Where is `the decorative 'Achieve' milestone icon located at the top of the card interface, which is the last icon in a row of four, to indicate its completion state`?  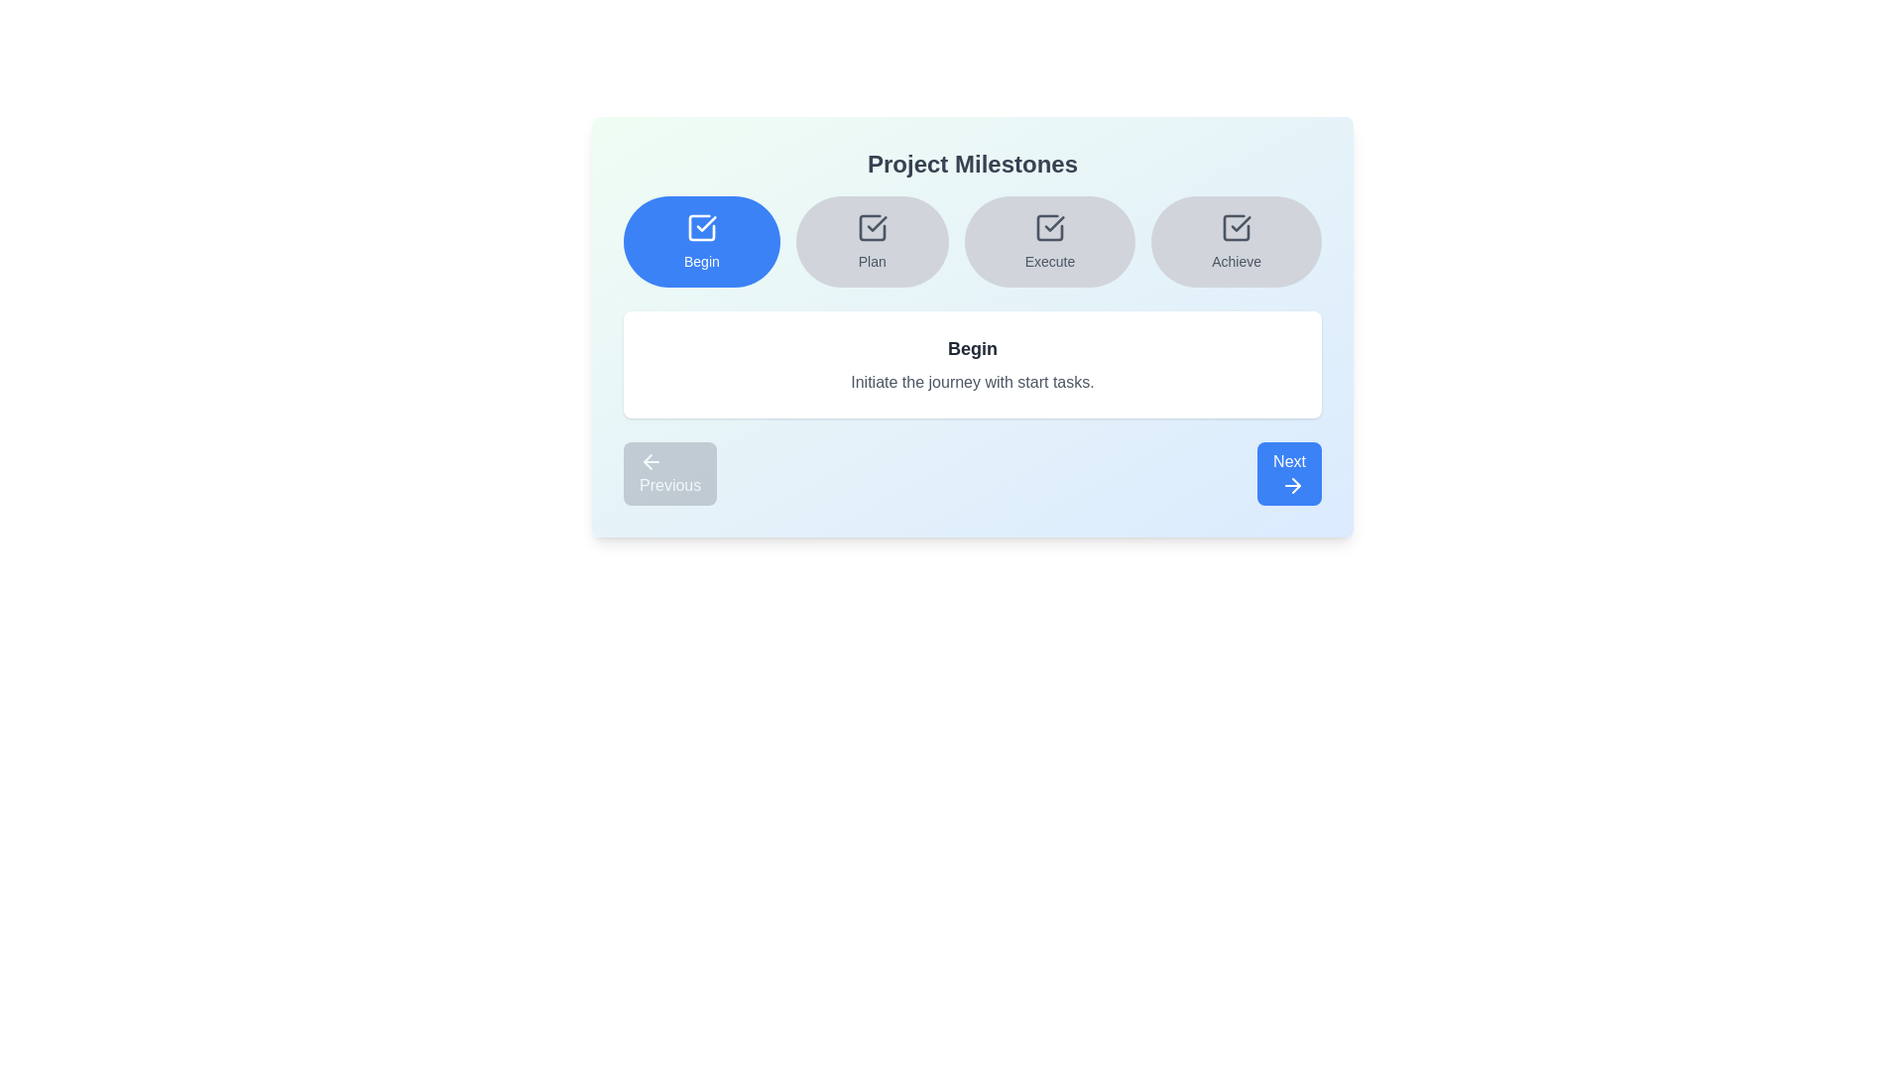
the decorative 'Achieve' milestone icon located at the top of the card interface, which is the last icon in a row of four, to indicate its completion state is located at coordinates (1236, 227).